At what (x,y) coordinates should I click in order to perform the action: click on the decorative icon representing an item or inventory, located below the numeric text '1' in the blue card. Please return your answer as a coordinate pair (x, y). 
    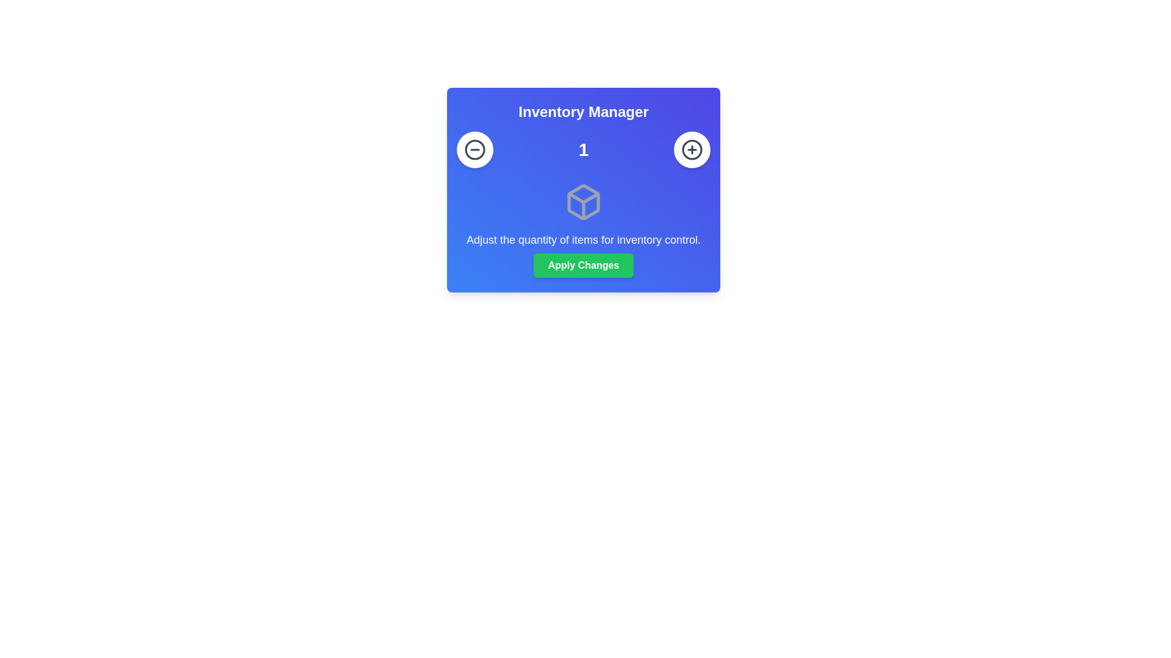
    Looking at the image, I should click on (582, 201).